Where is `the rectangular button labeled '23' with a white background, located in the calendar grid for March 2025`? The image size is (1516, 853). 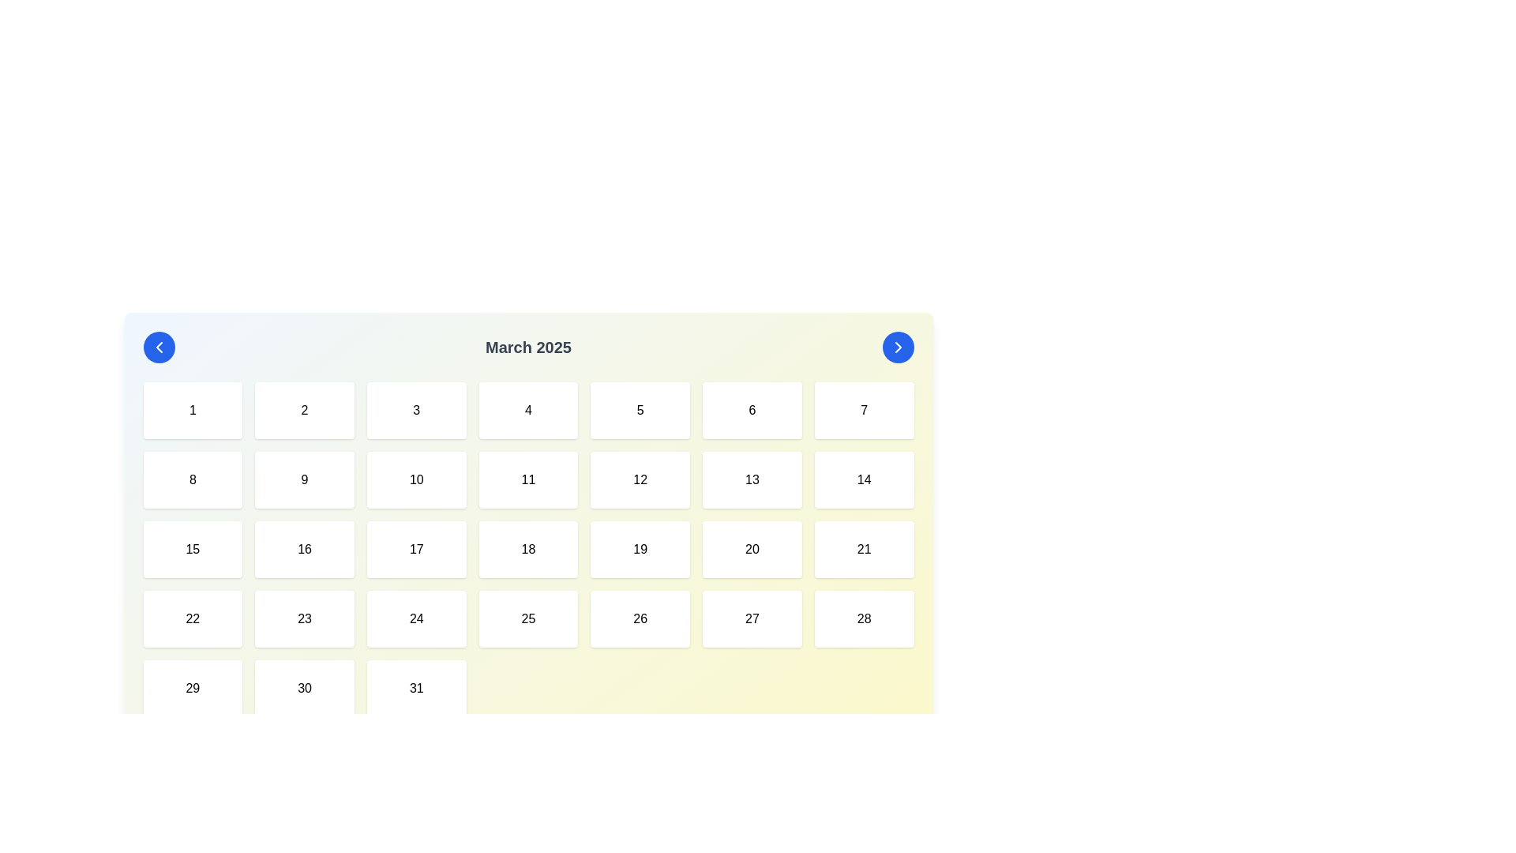 the rectangular button labeled '23' with a white background, located in the calendar grid for March 2025 is located at coordinates (305, 618).